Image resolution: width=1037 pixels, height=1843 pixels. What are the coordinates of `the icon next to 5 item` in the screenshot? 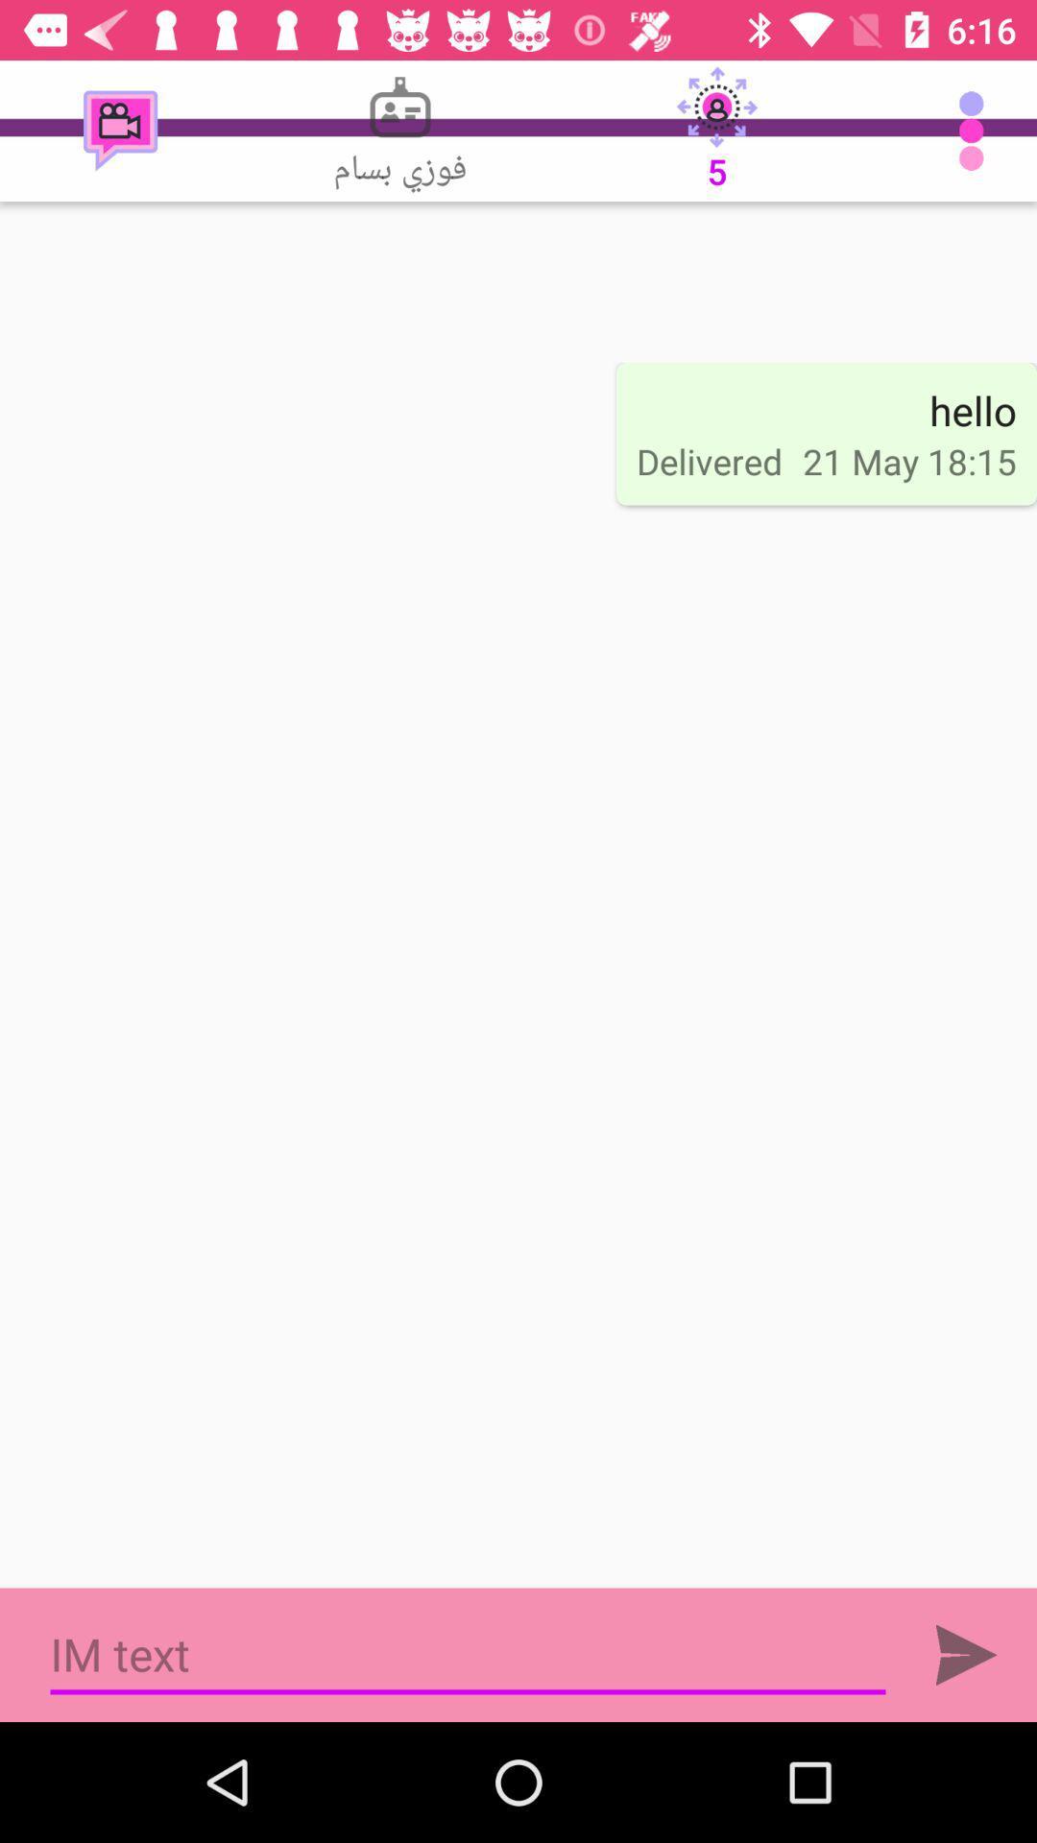 It's located at (398, 130).